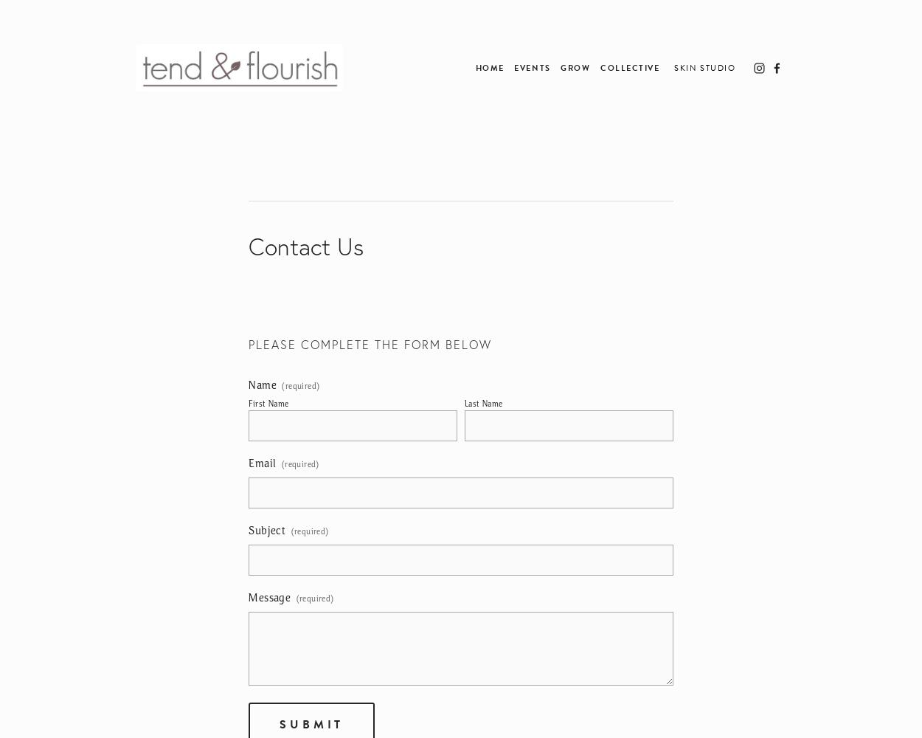 The image size is (922, 738). I want to click on 'Contact Us', so click(306, 246).